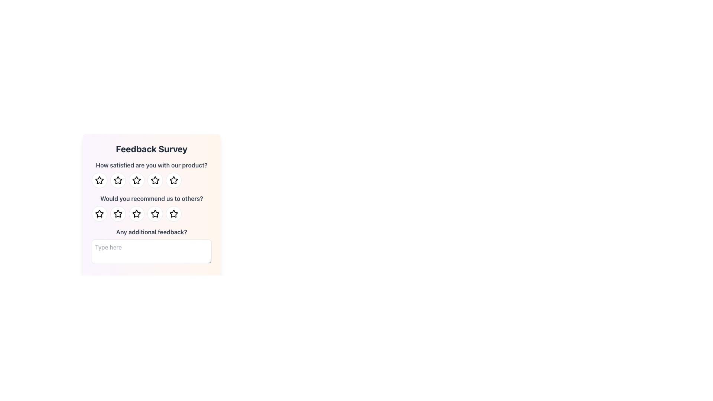  I want to click on the second star icon in the first row of star ratings, so click(117, 180).